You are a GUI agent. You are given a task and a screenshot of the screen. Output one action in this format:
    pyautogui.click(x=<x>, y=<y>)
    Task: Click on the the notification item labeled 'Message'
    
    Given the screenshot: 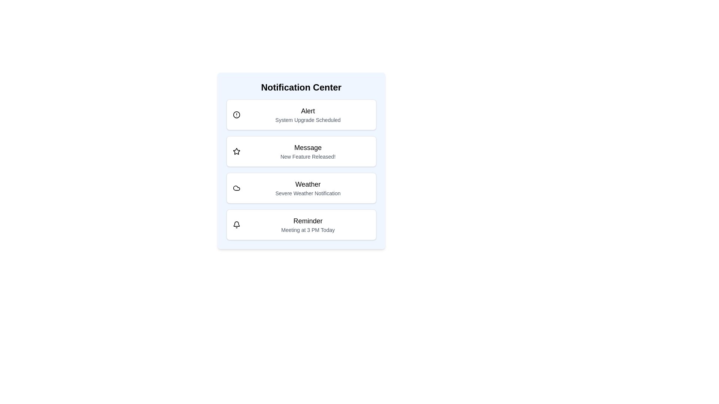 What is the action you would take?
    pyautogui.click(x=301, y=151)
    